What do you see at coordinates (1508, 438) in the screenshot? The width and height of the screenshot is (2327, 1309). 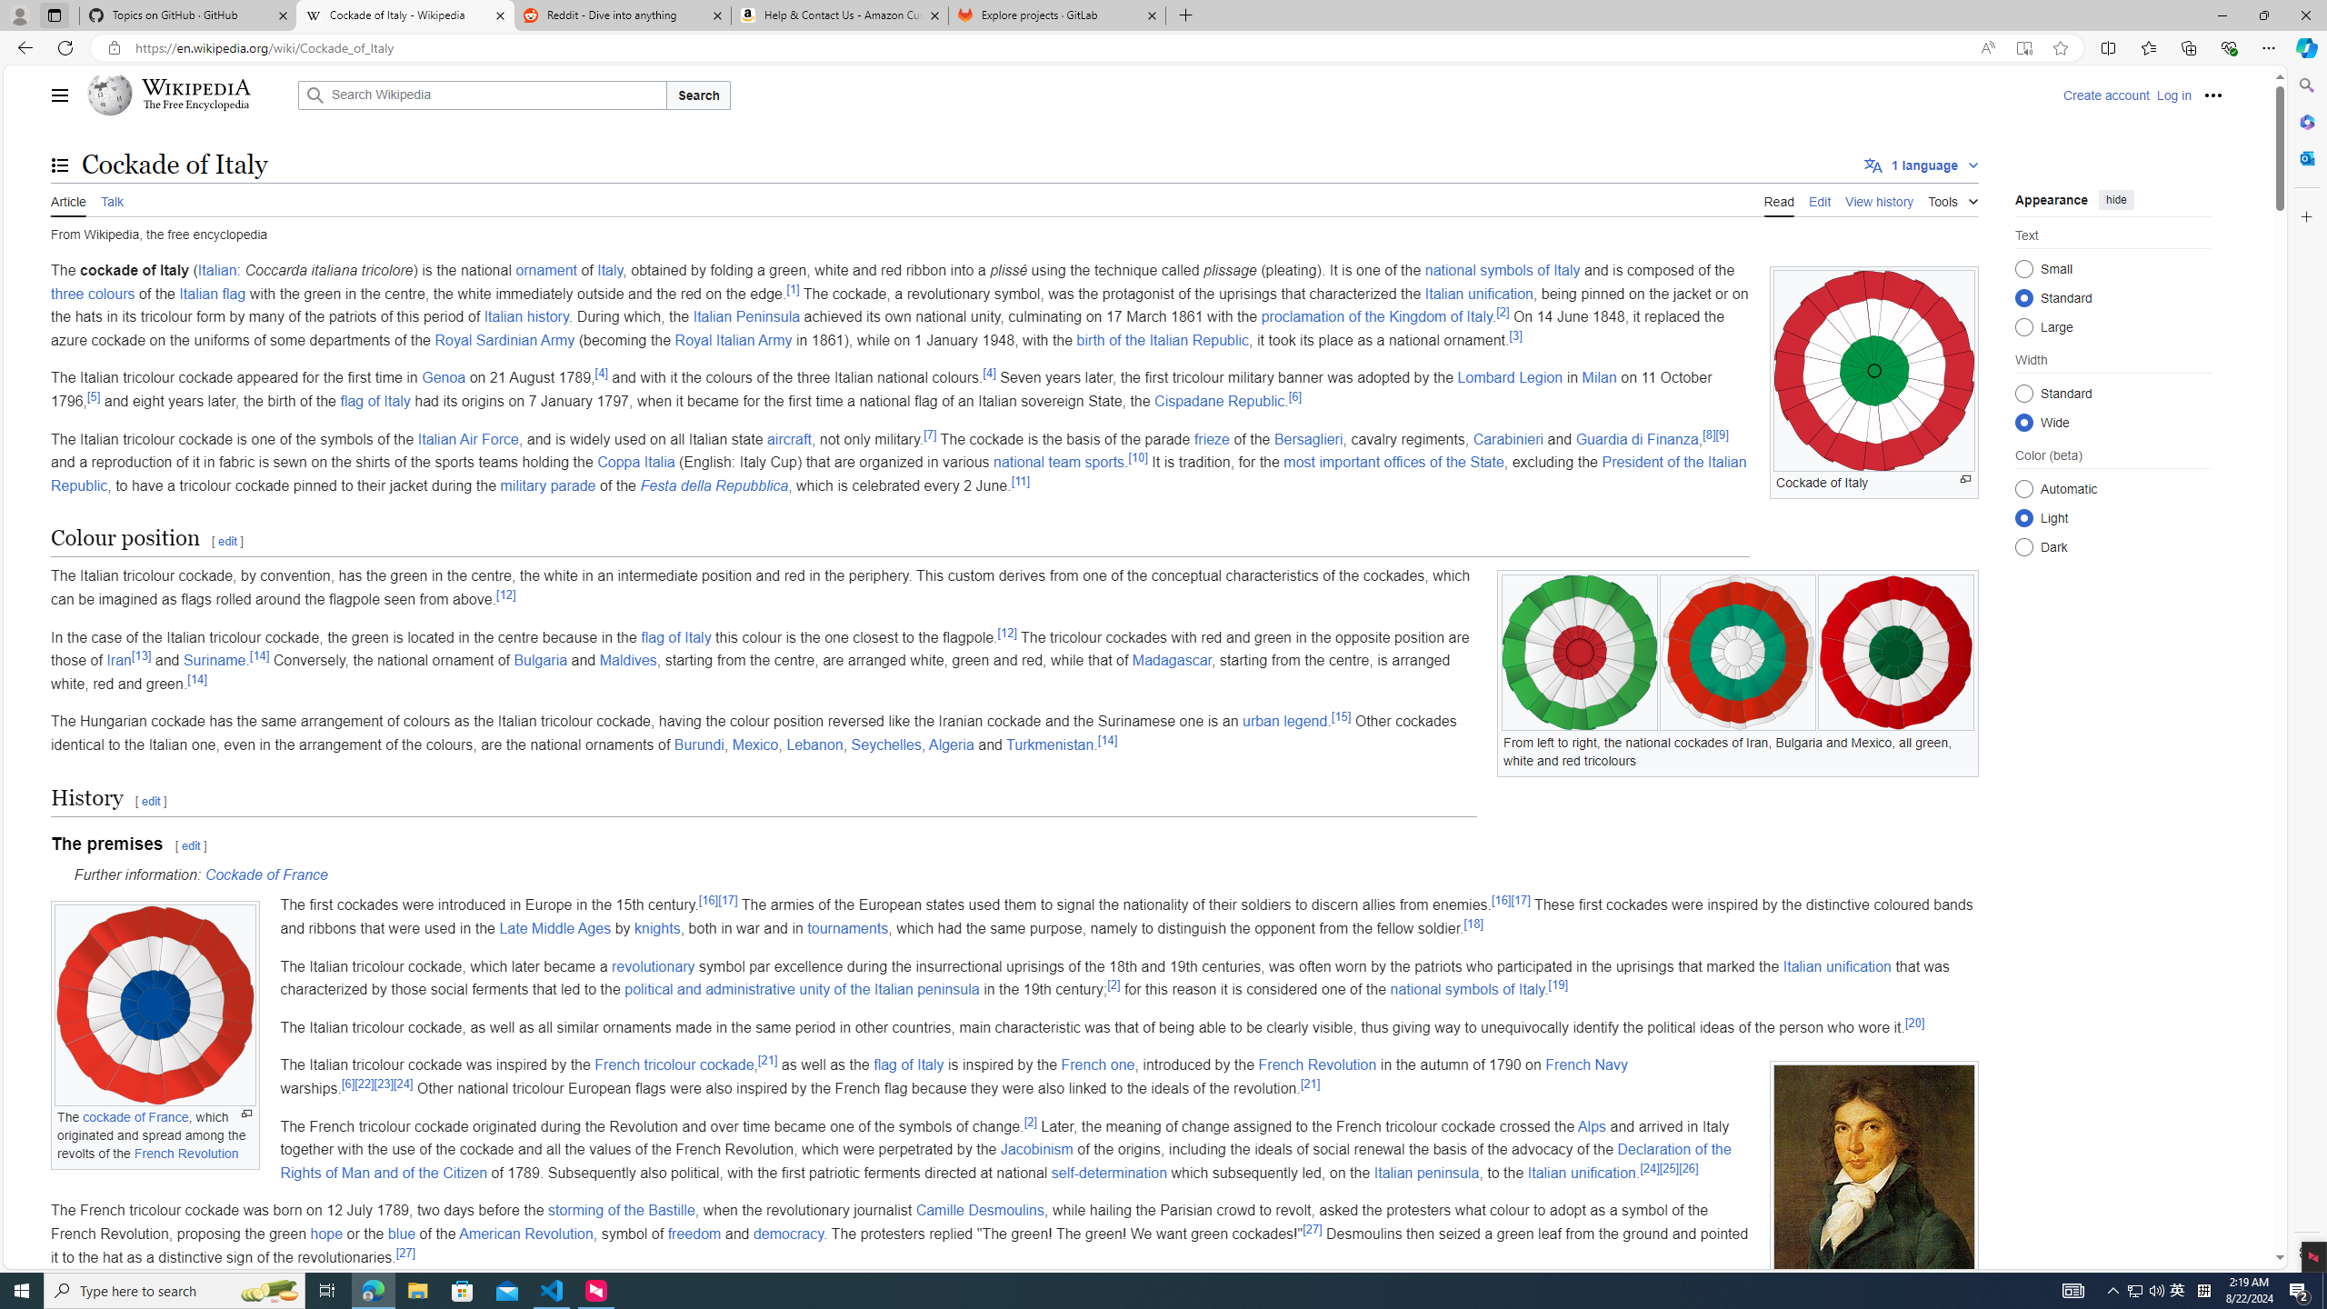 I see `'Carabinieri'` at bounding box center [1508, 438].